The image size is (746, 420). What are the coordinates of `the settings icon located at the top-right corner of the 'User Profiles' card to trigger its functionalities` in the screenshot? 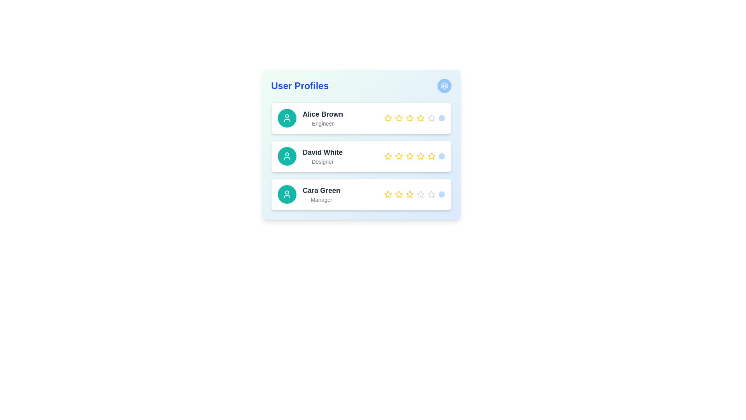 It's located at (444, 86).